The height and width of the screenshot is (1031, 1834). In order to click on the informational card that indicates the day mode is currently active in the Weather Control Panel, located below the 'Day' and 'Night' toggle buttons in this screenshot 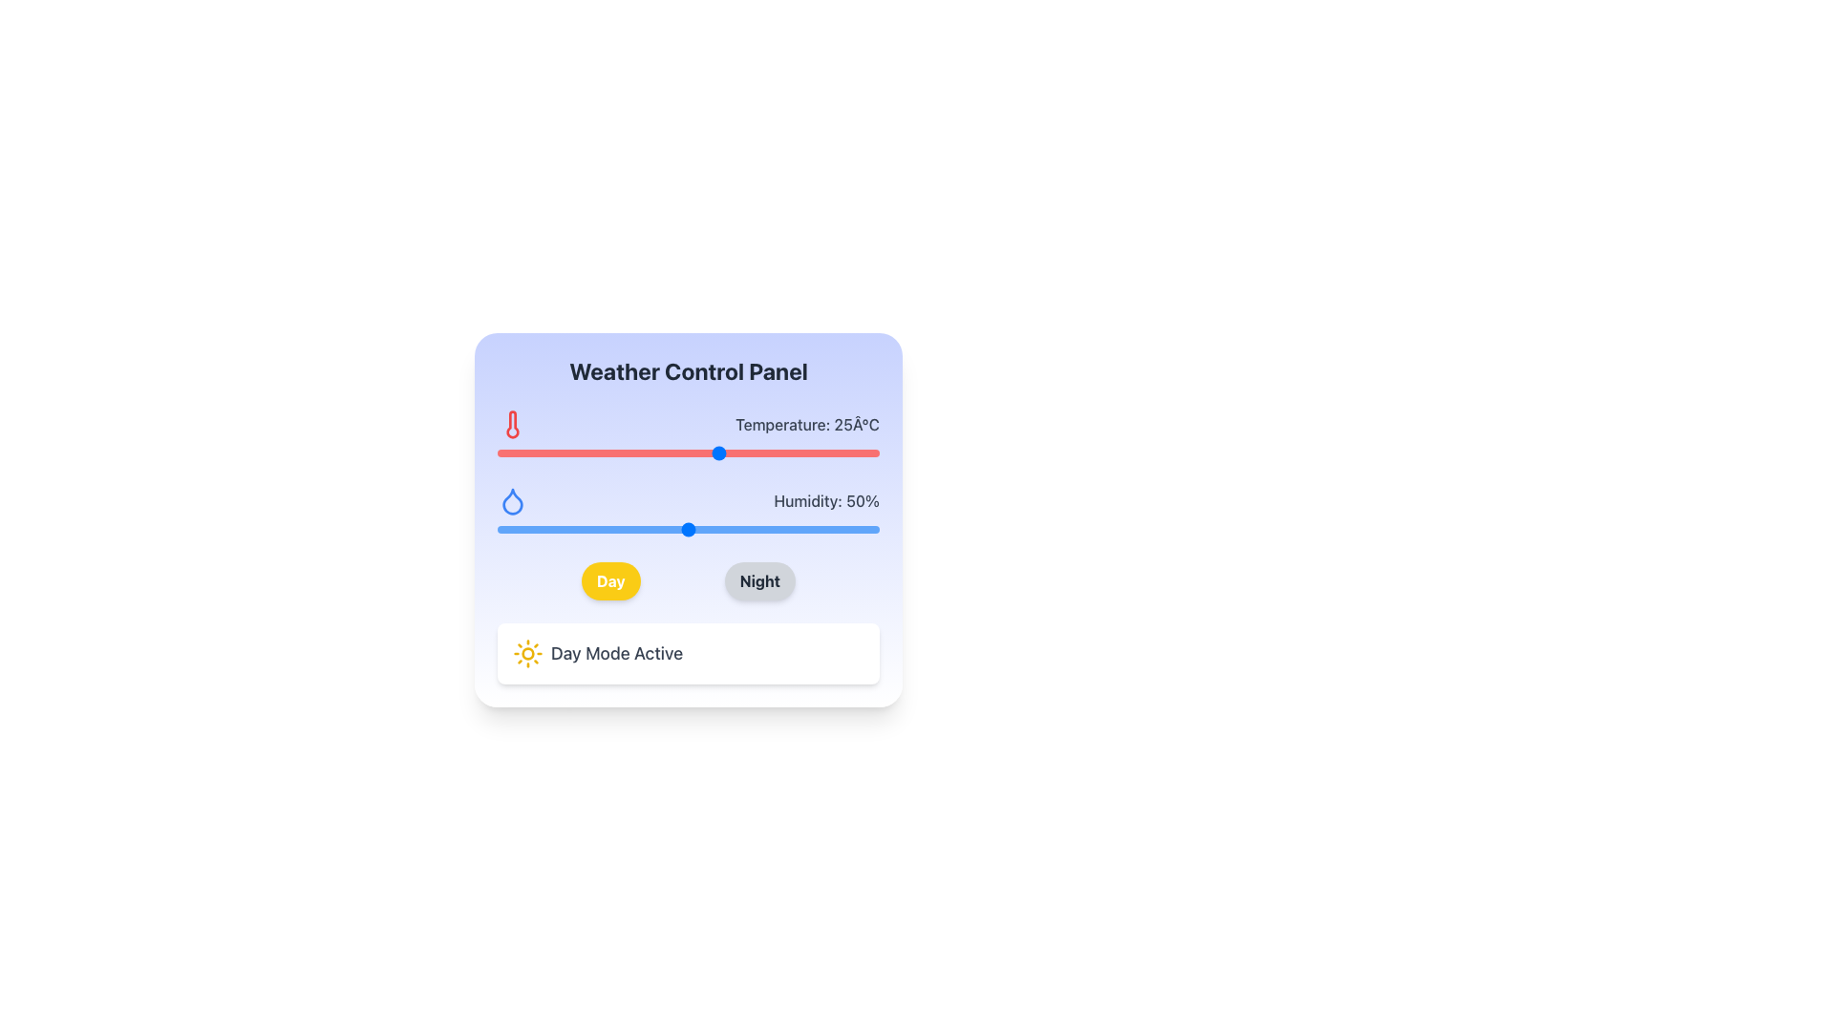, I will do `click(688, 653)`.